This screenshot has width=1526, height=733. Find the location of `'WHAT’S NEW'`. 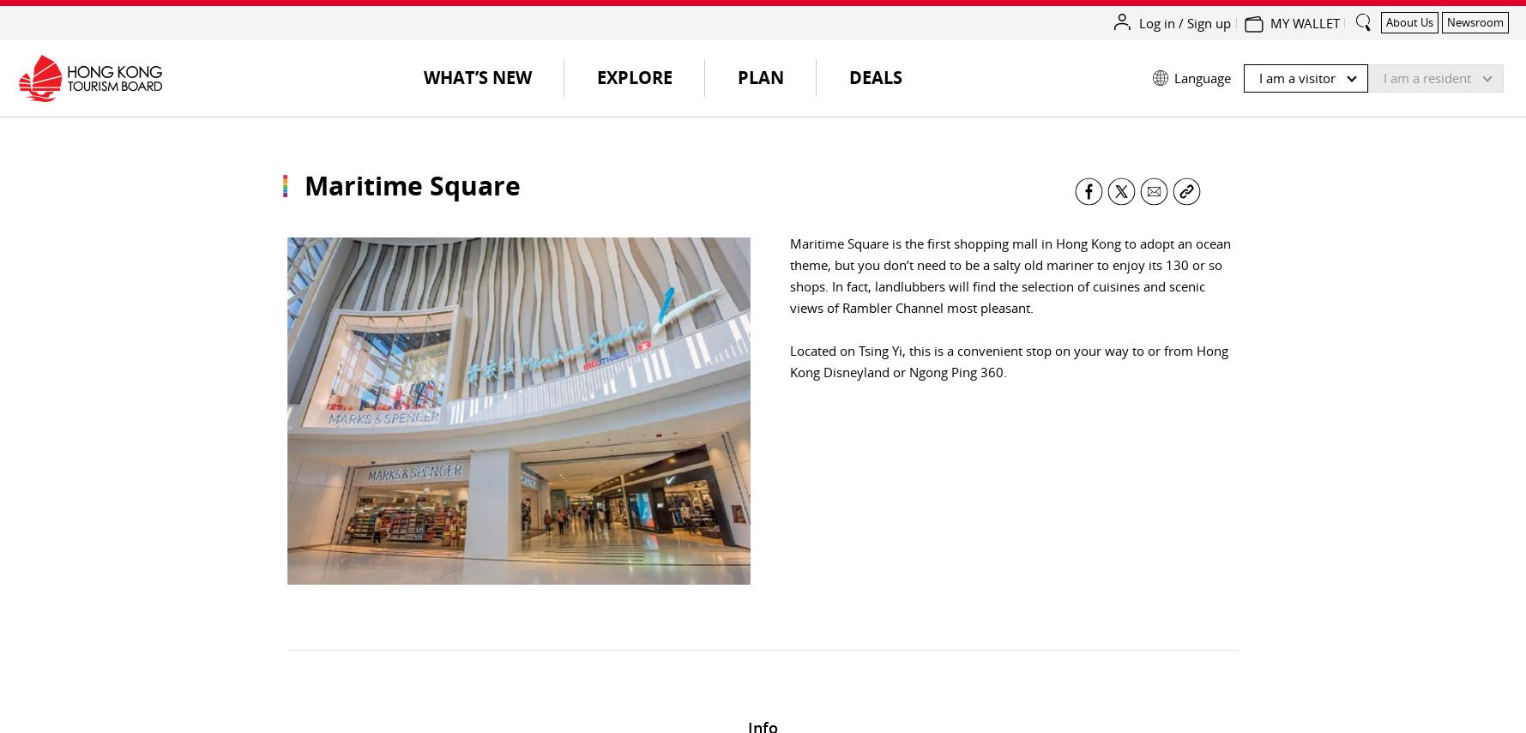

'WHAT’S NEW' is located at coordinates (476, 77).